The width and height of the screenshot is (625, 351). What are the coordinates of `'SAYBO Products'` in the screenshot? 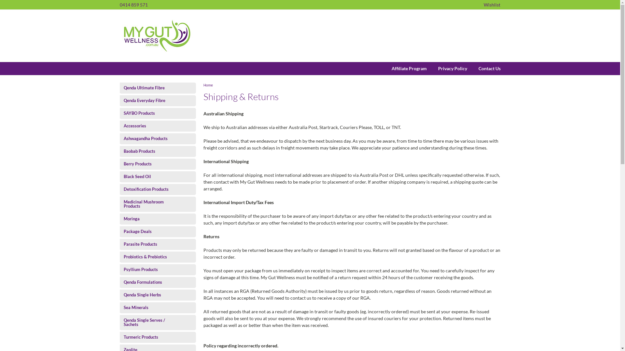 It's located at (120, 113).